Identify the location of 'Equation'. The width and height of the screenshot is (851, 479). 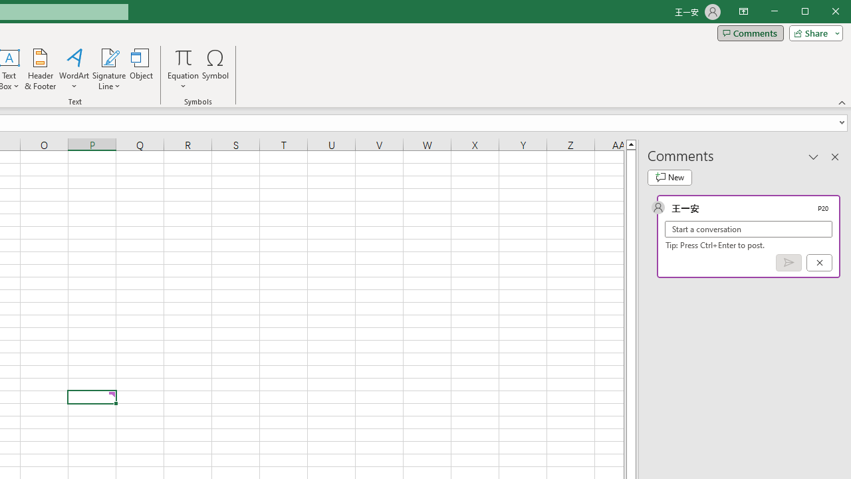
(182, 69).